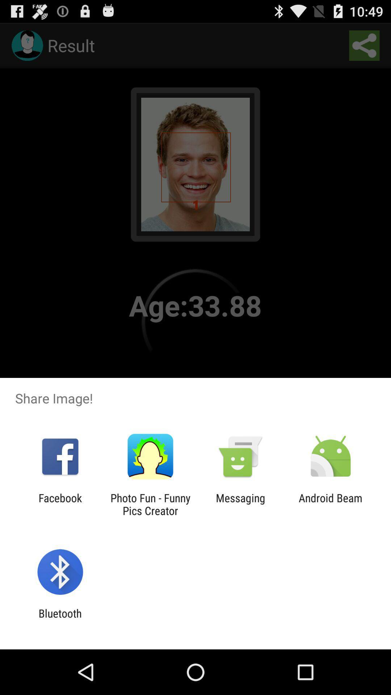 This screenshot has width=391, height=695. Describe the element at coordinates (240, 504) in the screenshot. I see `the app to the right of the photo fun funny item` at that location.